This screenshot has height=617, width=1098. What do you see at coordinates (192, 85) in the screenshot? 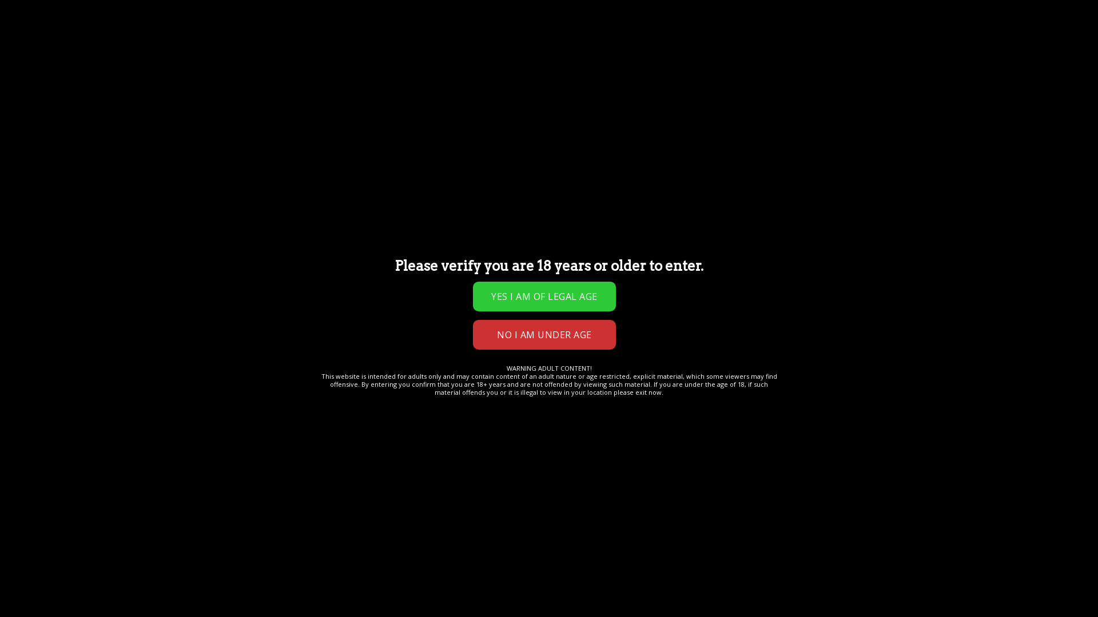
I see `'CUSTOM PRINT'` at bounding box center [192, 85].